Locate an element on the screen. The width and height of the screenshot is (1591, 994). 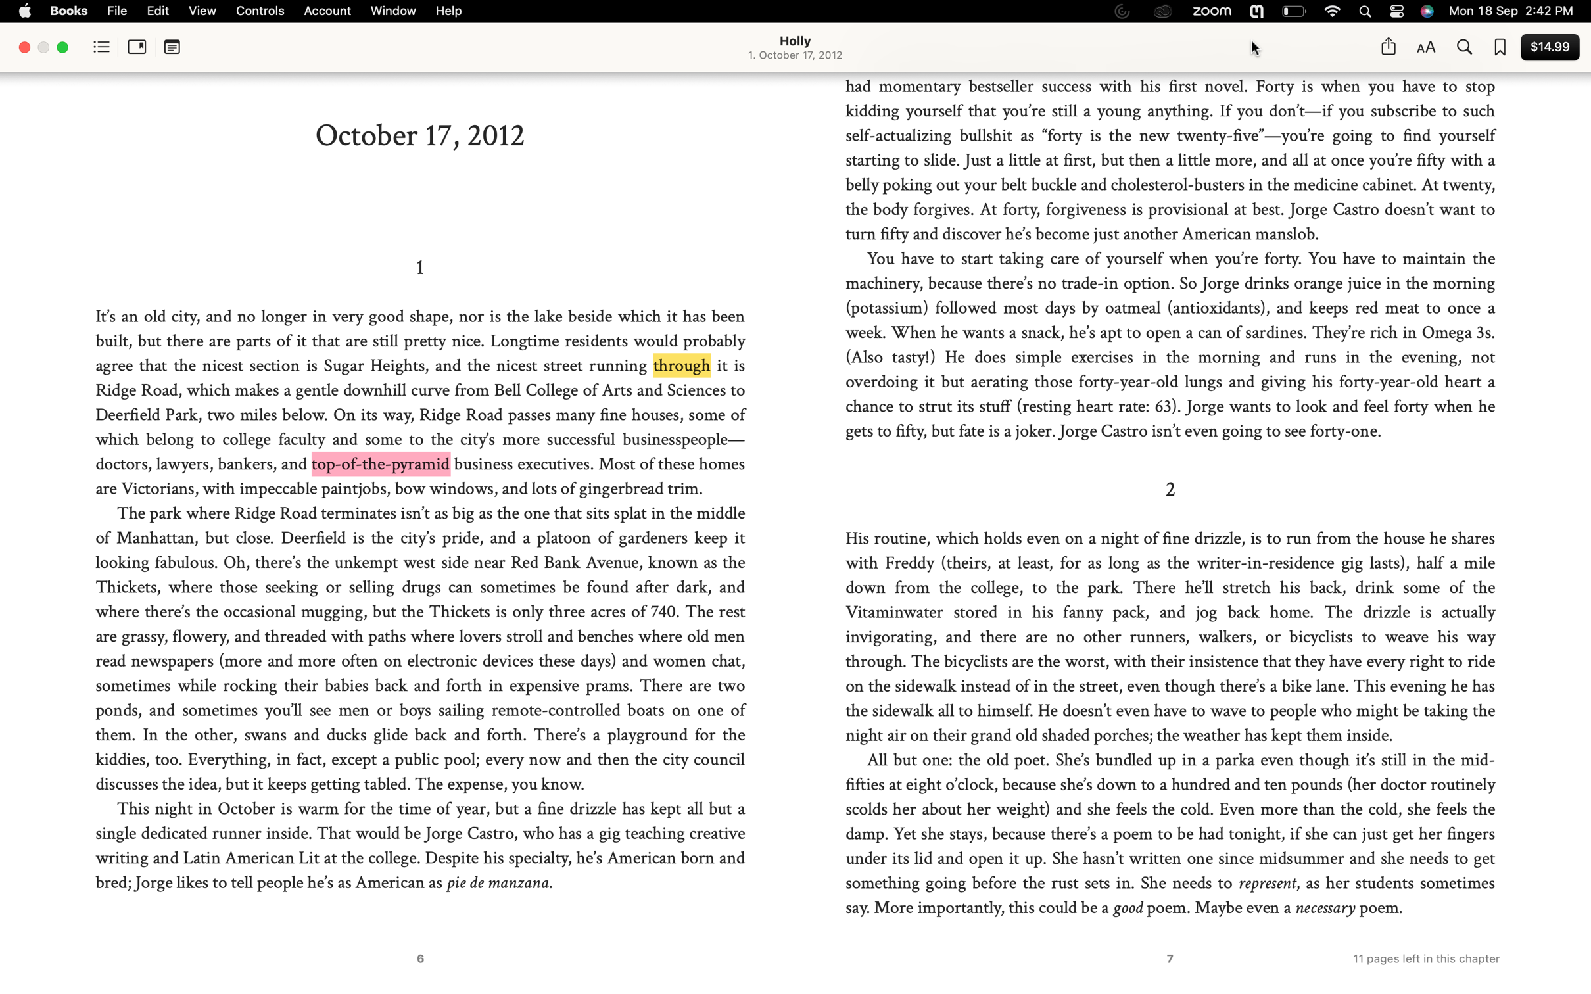
Direct the pointer to "see_notes" on the display is located at coordinates (585488, 98406).